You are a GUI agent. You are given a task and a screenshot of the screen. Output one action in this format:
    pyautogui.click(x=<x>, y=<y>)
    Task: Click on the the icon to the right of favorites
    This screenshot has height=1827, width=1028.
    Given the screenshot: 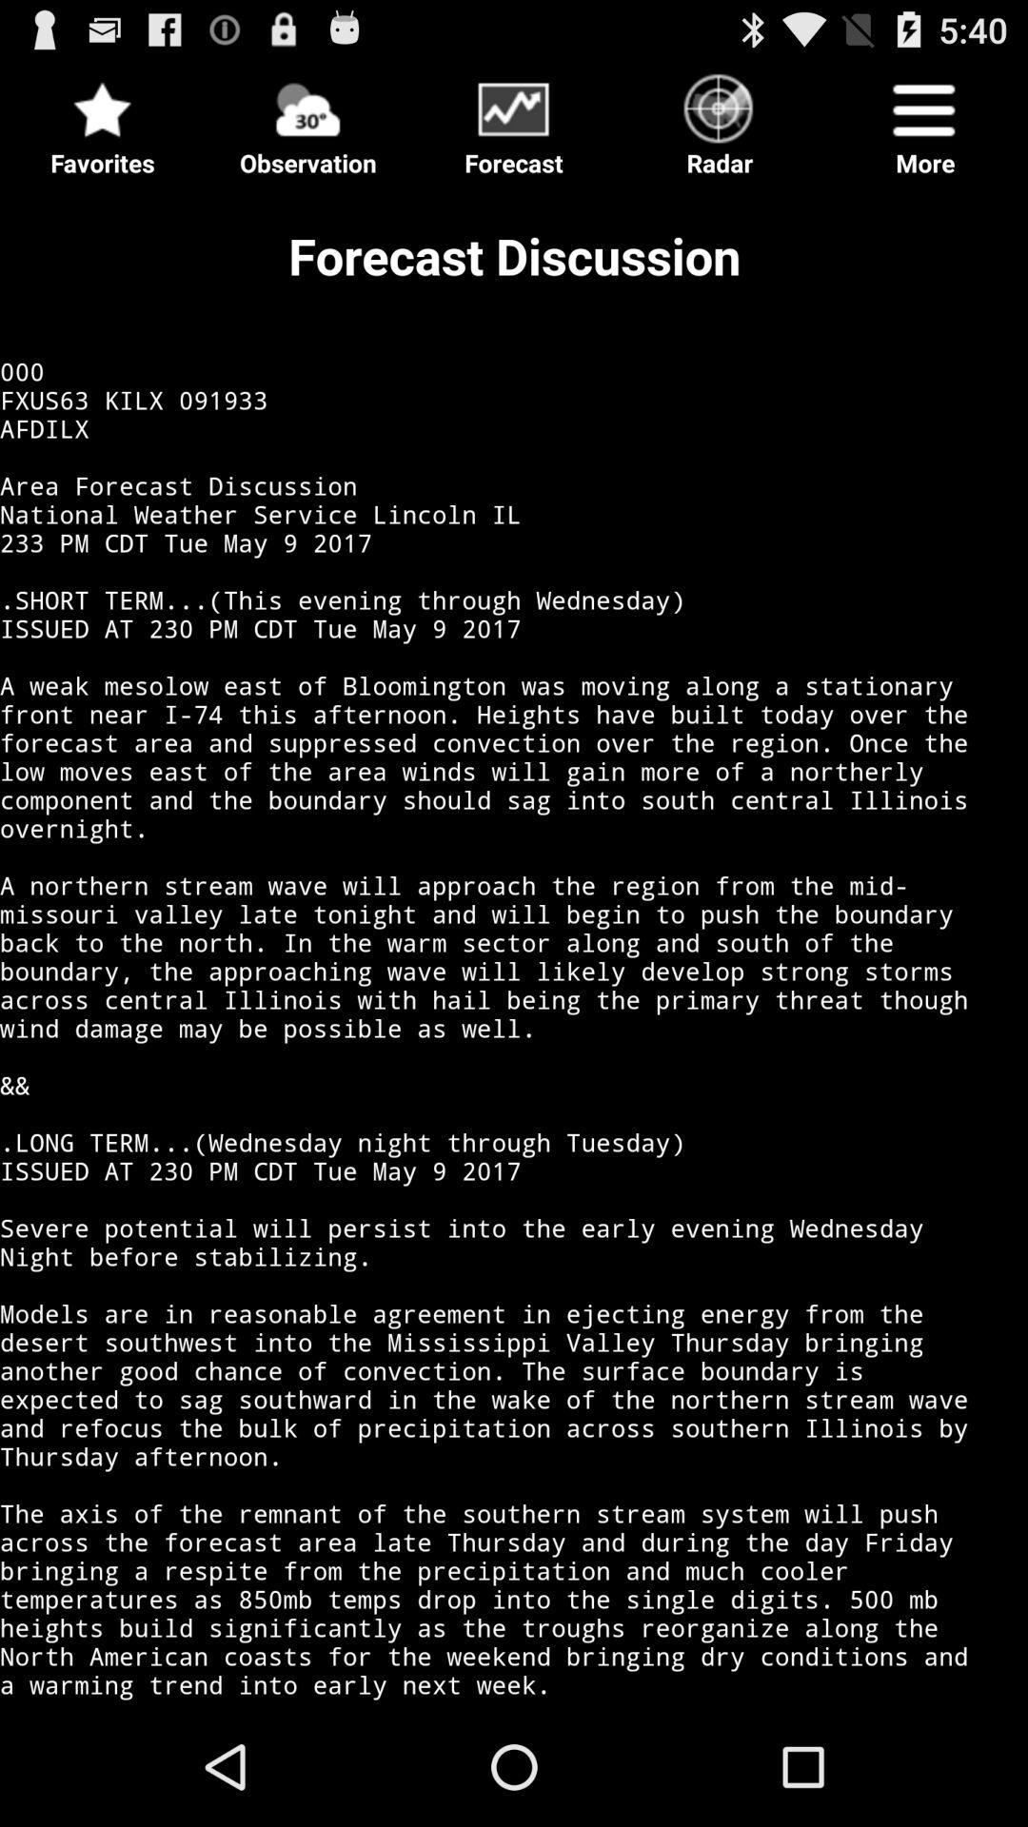 What is the action you would take?
    pyautogui.click(x=307, y=118)
    